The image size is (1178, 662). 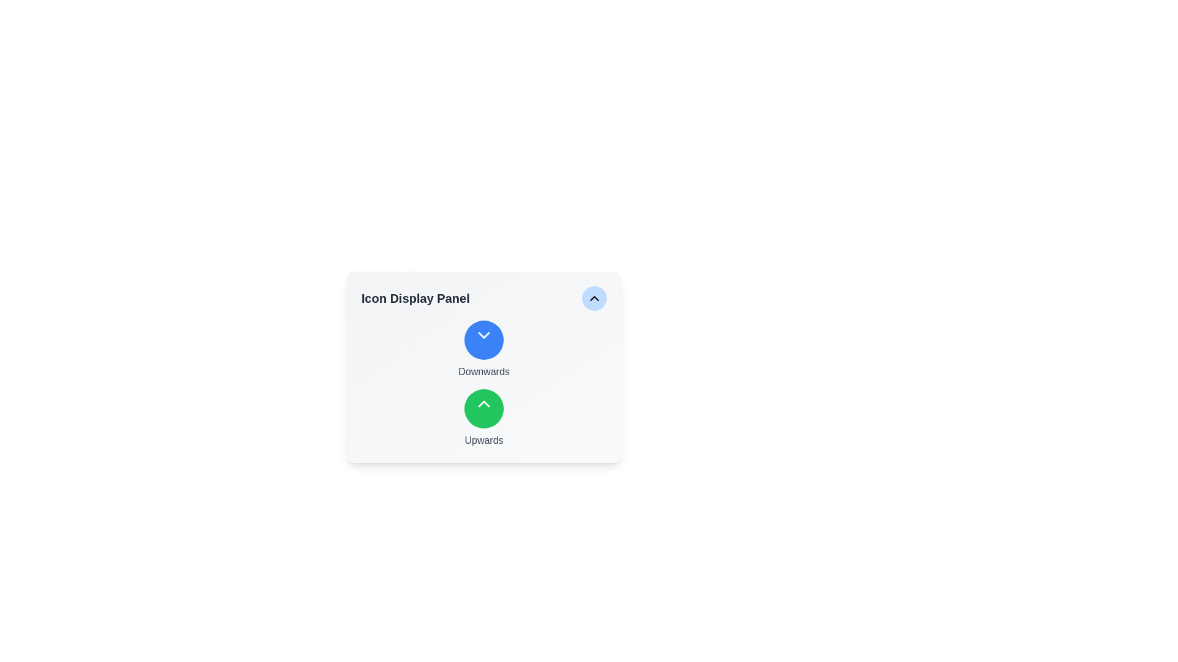 What do you see at coordinates (483, 406) in the screenshot?
I see `the upward arrow icon located inside the circular button at the top-right corner of the card panel labeled 'Icon Display Panel'` at bounding box center [483, 406].